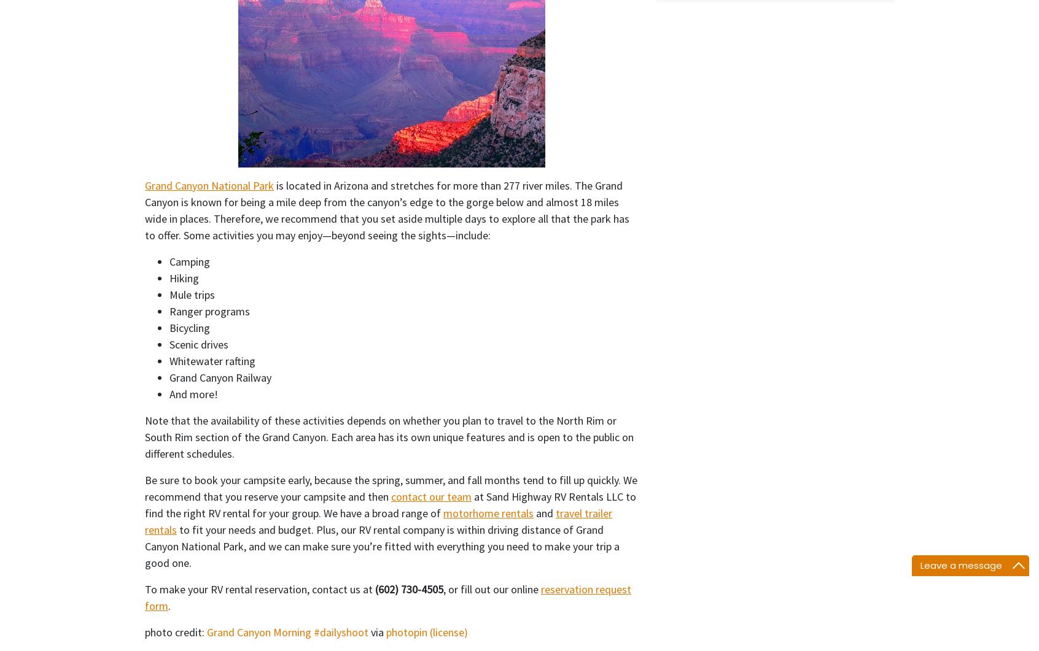  What do you see at coordinates (381, 545) in the screenshot?
I see `'to fit your needs and budget. Plus, our RV rental company is within driving distance of Grand Canyon National Park, and we can make sure you’re fitted with everything you need to make your trip a good one.'` at bounding box center [381, 545].